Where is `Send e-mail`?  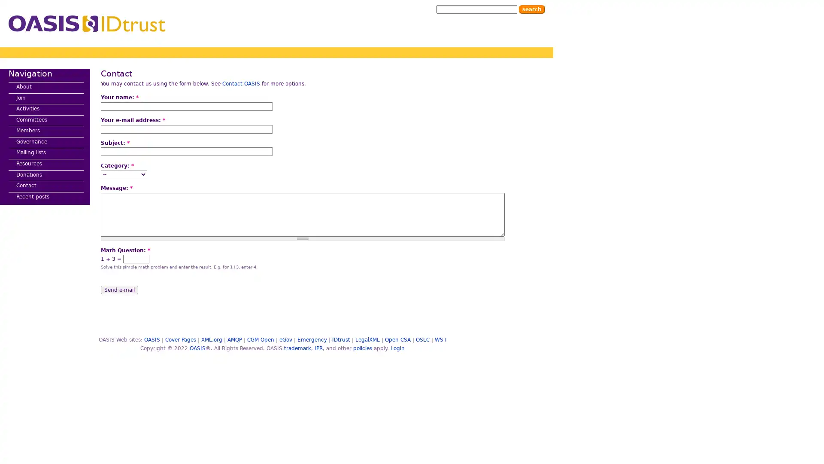 Send e-mail is located at coordinates (119, 290).